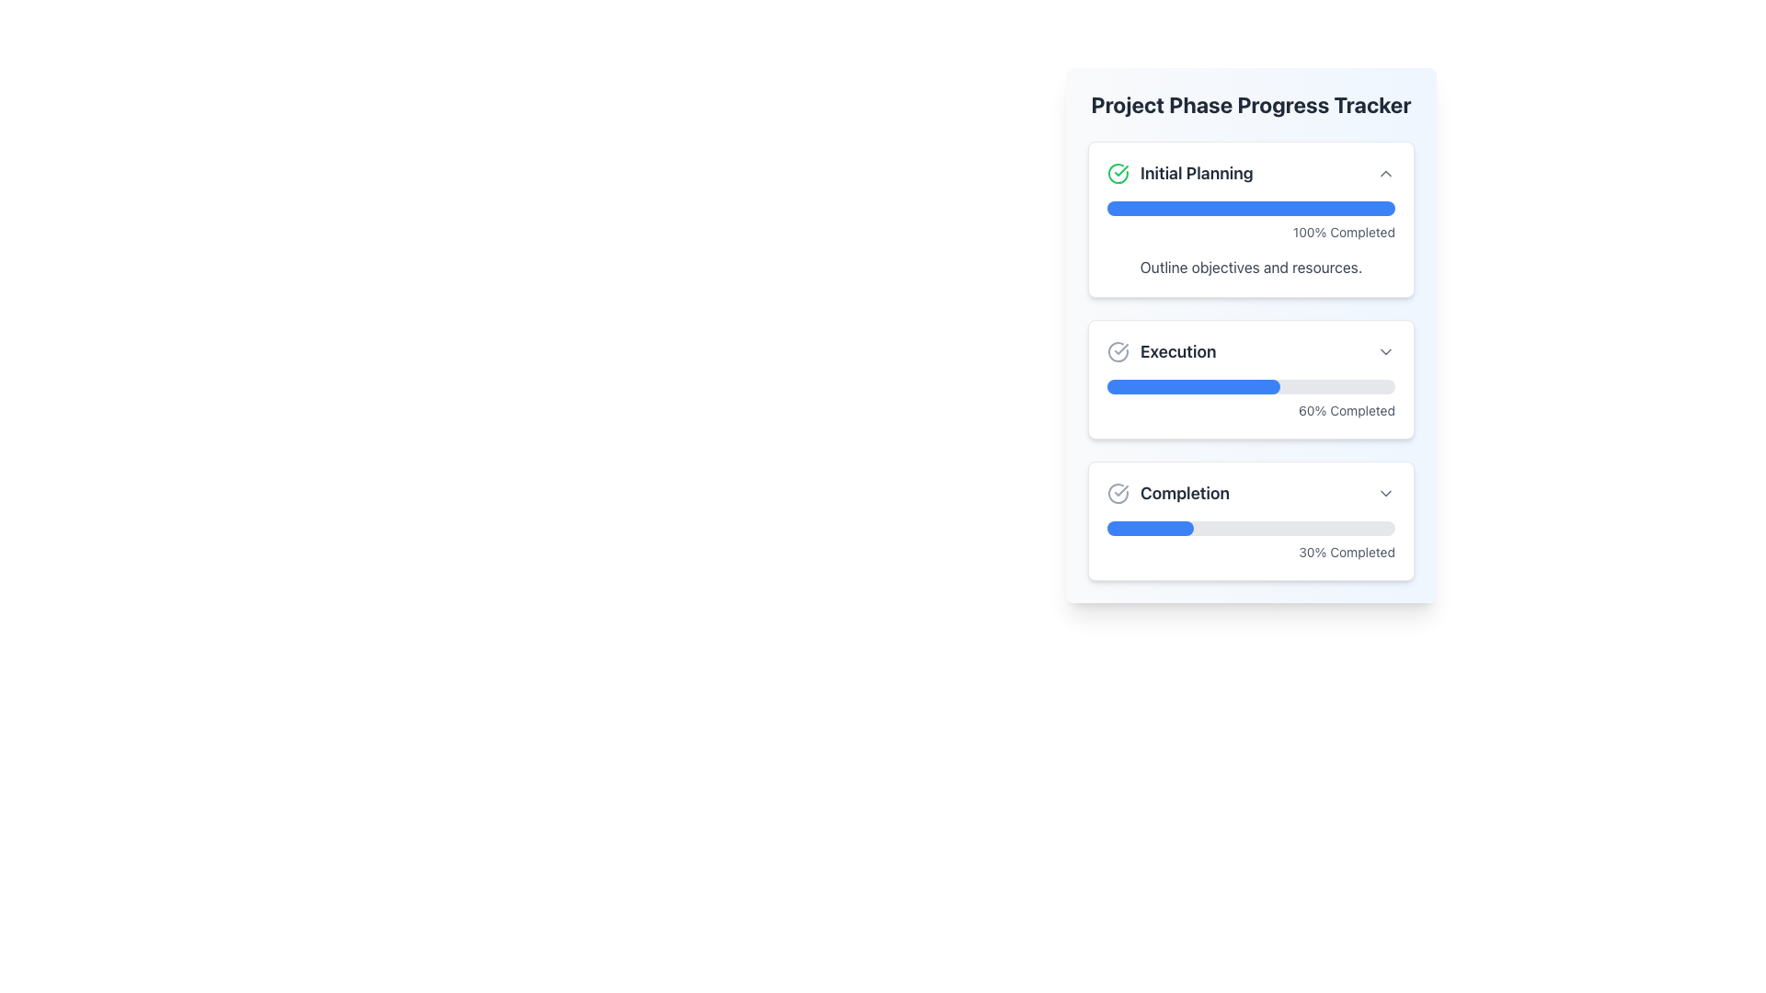 The image size is (1766, 993). I want to click on the blue filled portion of the progress bar segment indicating 30% completion in the 'Project Phase Progress Tracker', so click(1149, 528).